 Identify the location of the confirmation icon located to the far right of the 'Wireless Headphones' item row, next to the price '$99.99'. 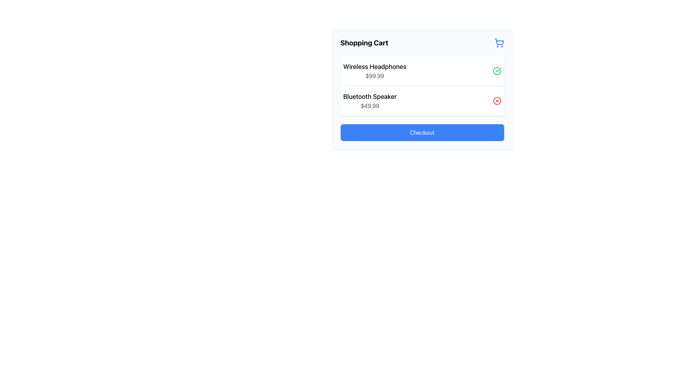
(496, 71).